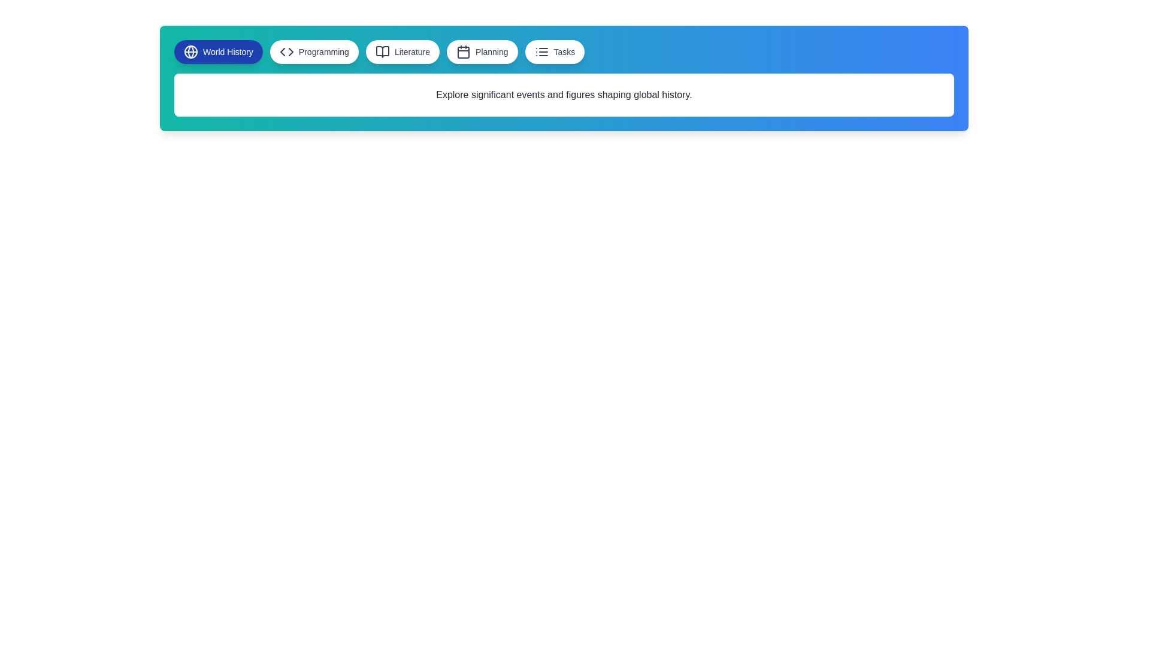 Image resolution: width=1150 pixels, height=646 pixels. What do you see at coordinates (482, 51) in the screenshot?
I see `the button labeled Planning to observe the hover effect` at bounding box center [482, 51].